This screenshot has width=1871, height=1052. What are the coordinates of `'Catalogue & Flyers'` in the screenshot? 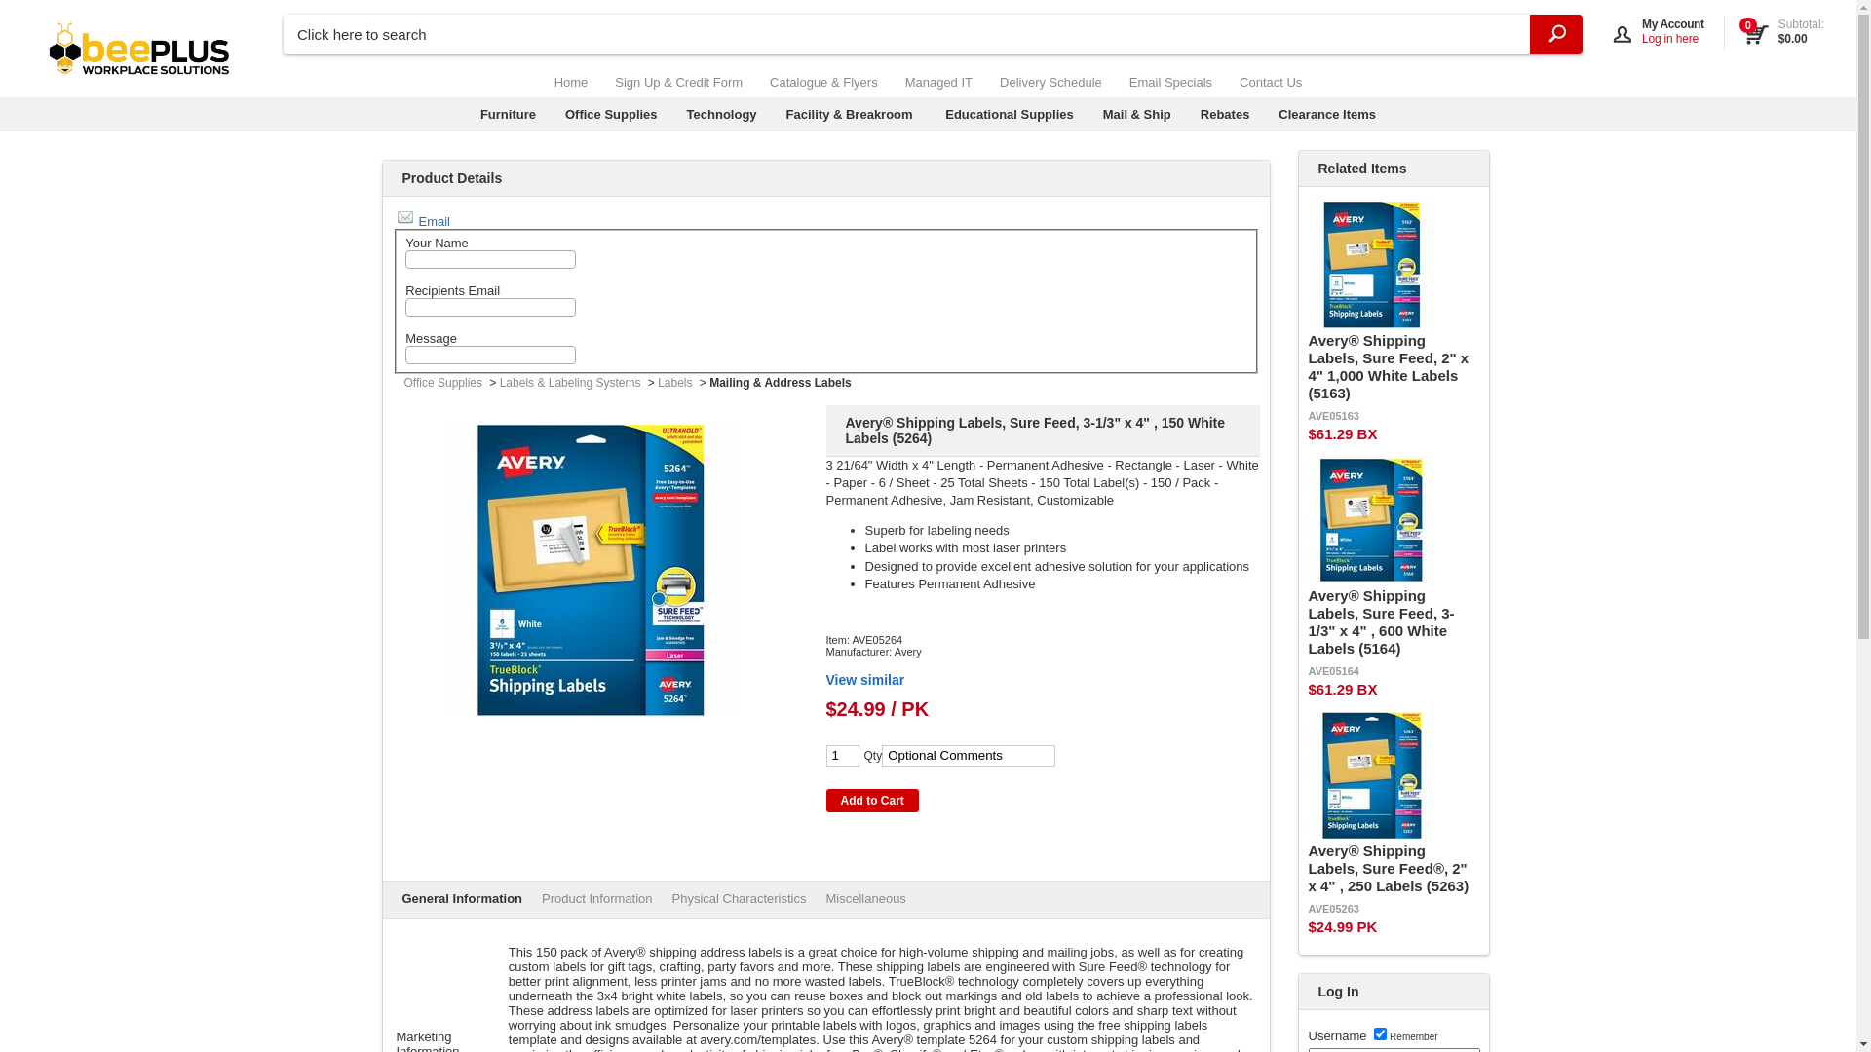 It's located at (823, 81).